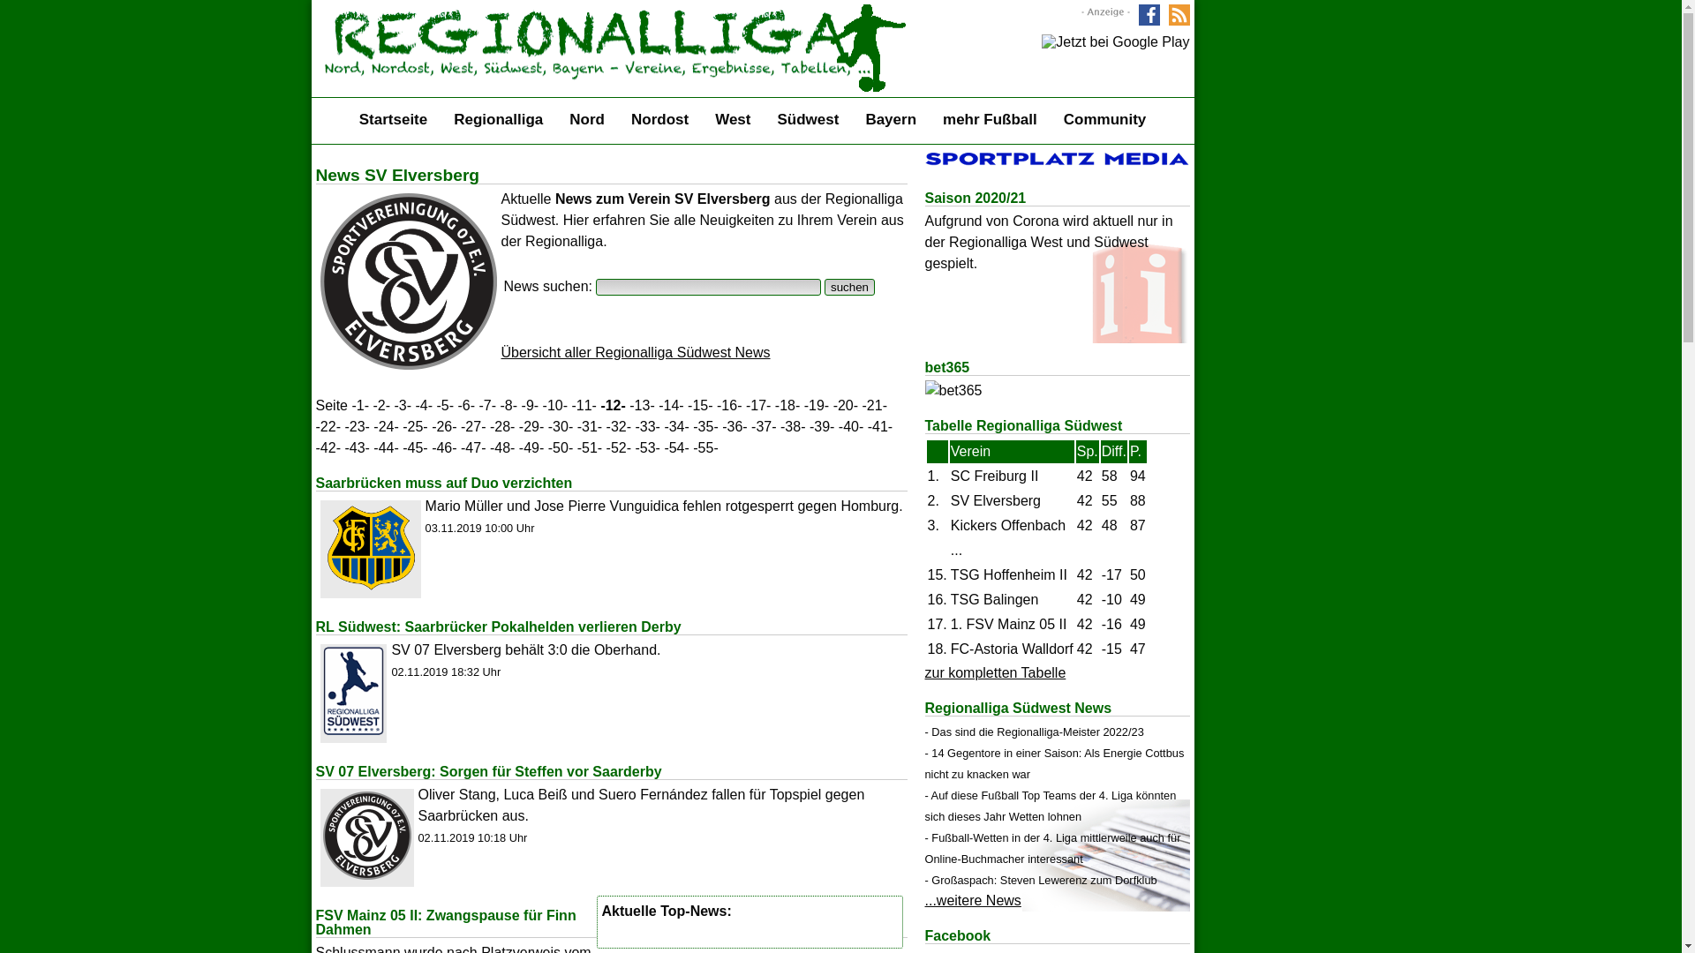 Image resolution: width=1695 pixels, height=953 pixels. What do you see at coordinates (402, 405) in the screenshot?
I see `'-3-'` at bounding box center [402, 405].